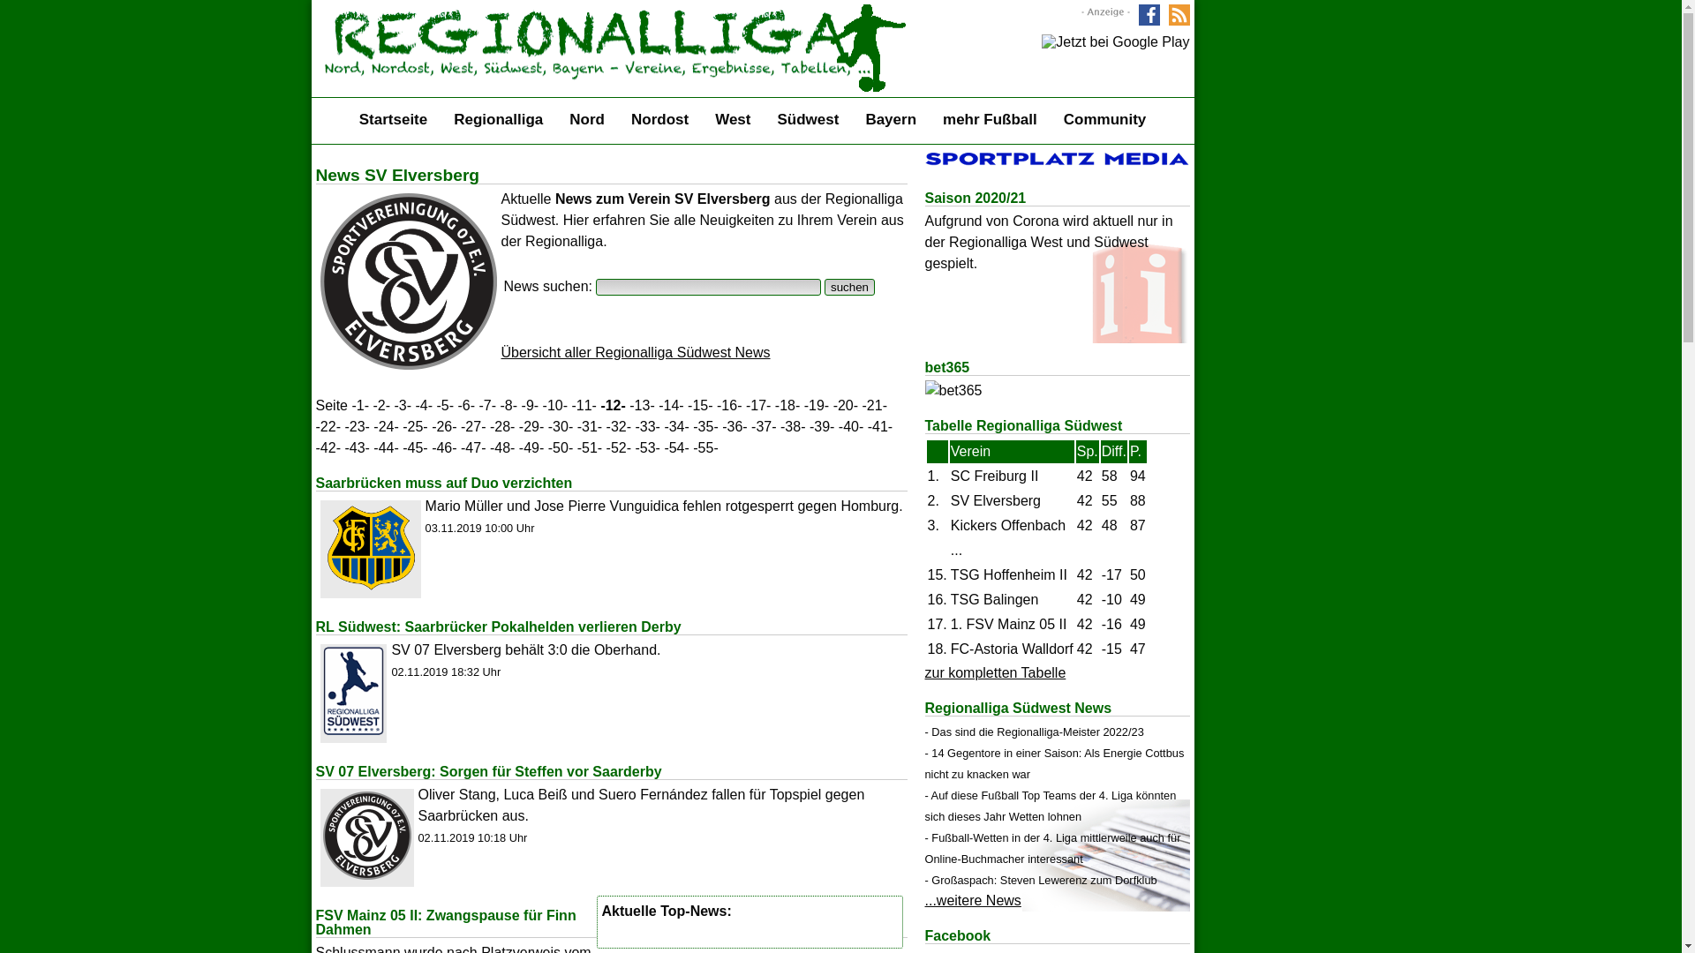 Image resolution: width=1695 pixels, height=953 pixels. What do you see at coordinates (402, 405) in the screenshot?
I see `'-3-'` at bounding box center [402, 405].